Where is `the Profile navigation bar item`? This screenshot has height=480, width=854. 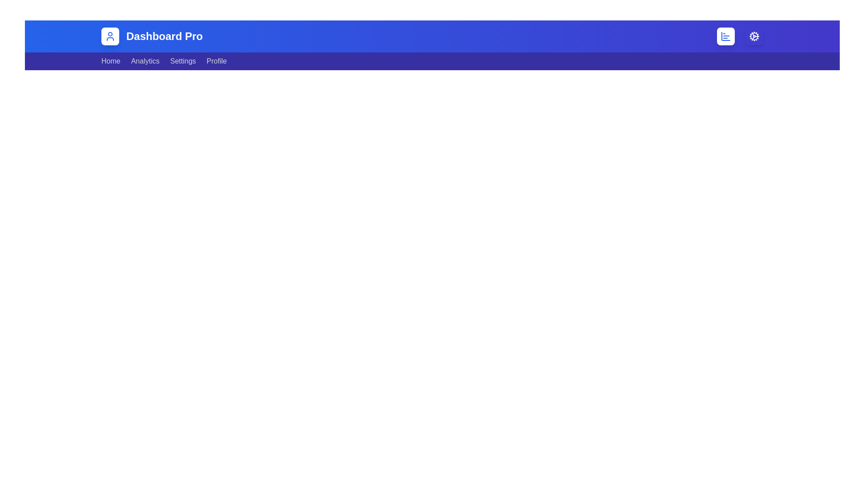 the Profile navigation bar item is located at coordinates (216, 61).